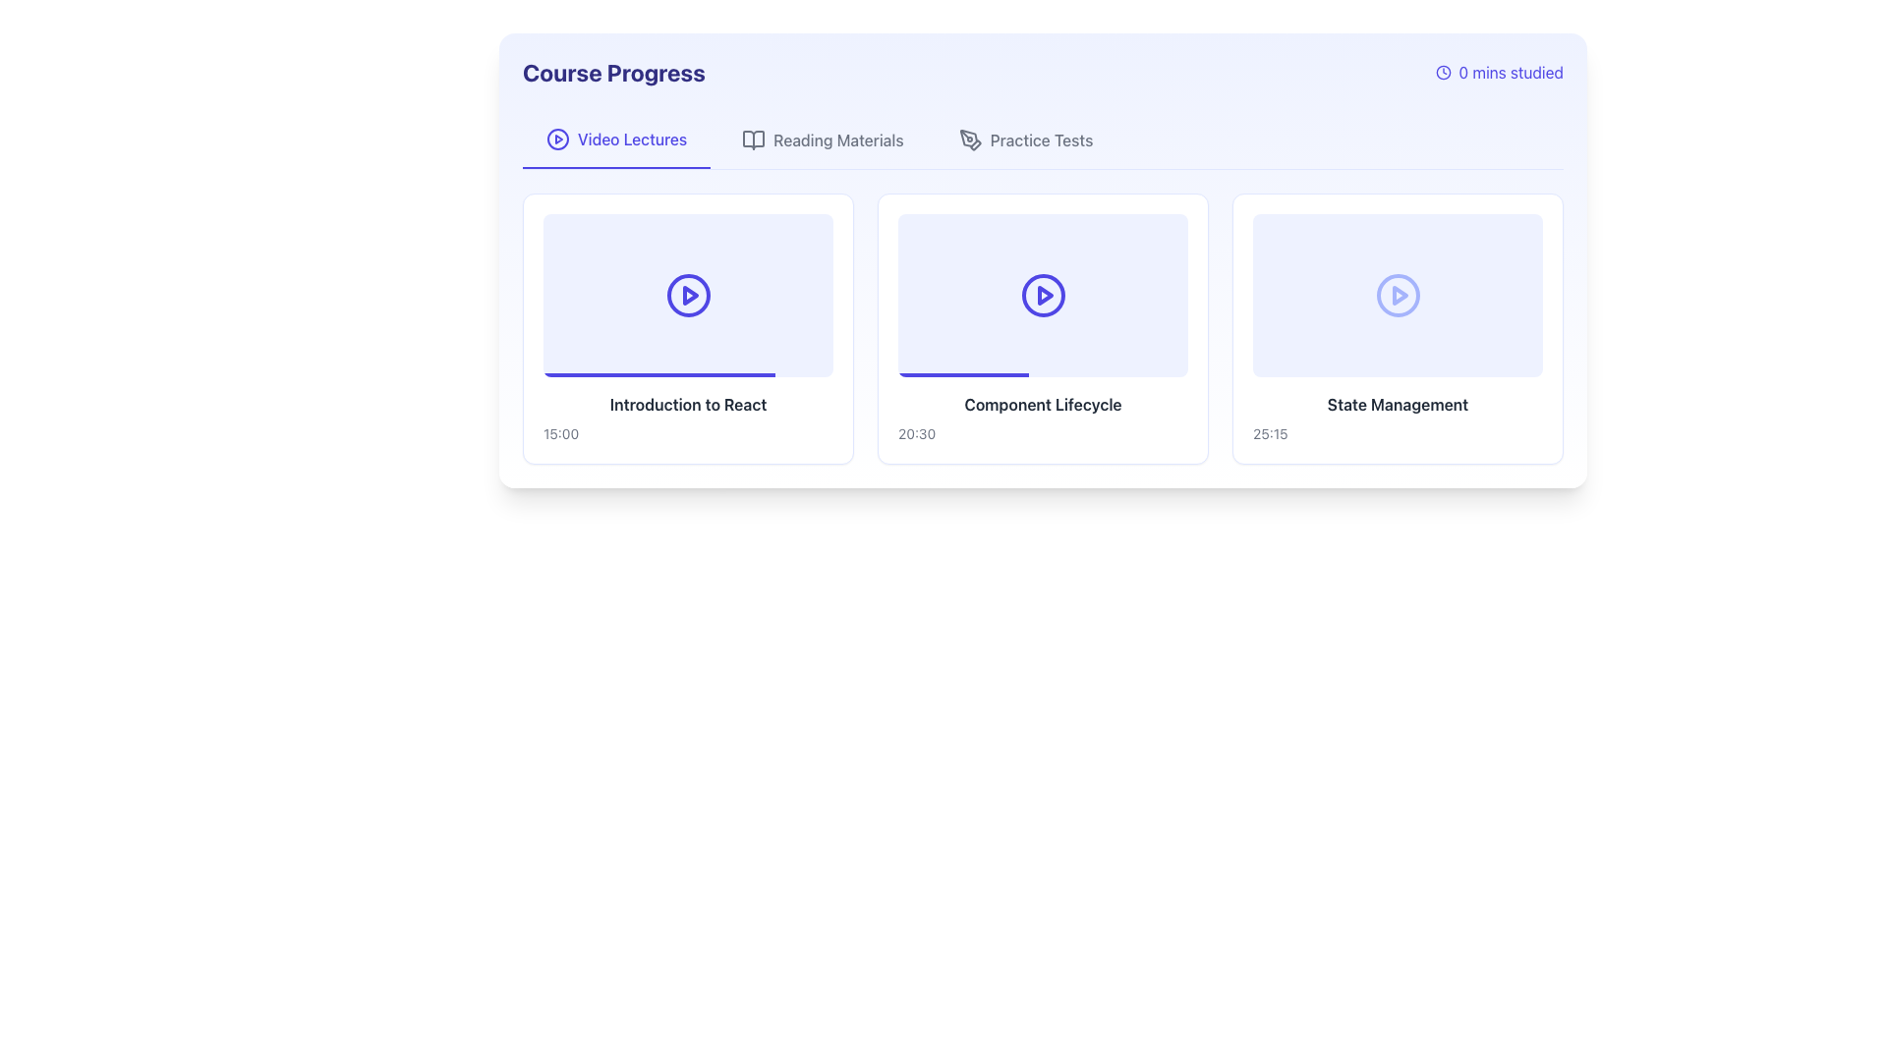 Image resolution: width=1887 pixels, height=1061 pixels. What do you see at coordinates (1397, 295) in the screenshot?
I see `the play button icon in the 'State Management' video thumbnail to initiate video playback` at bounding box center [1397, 295].